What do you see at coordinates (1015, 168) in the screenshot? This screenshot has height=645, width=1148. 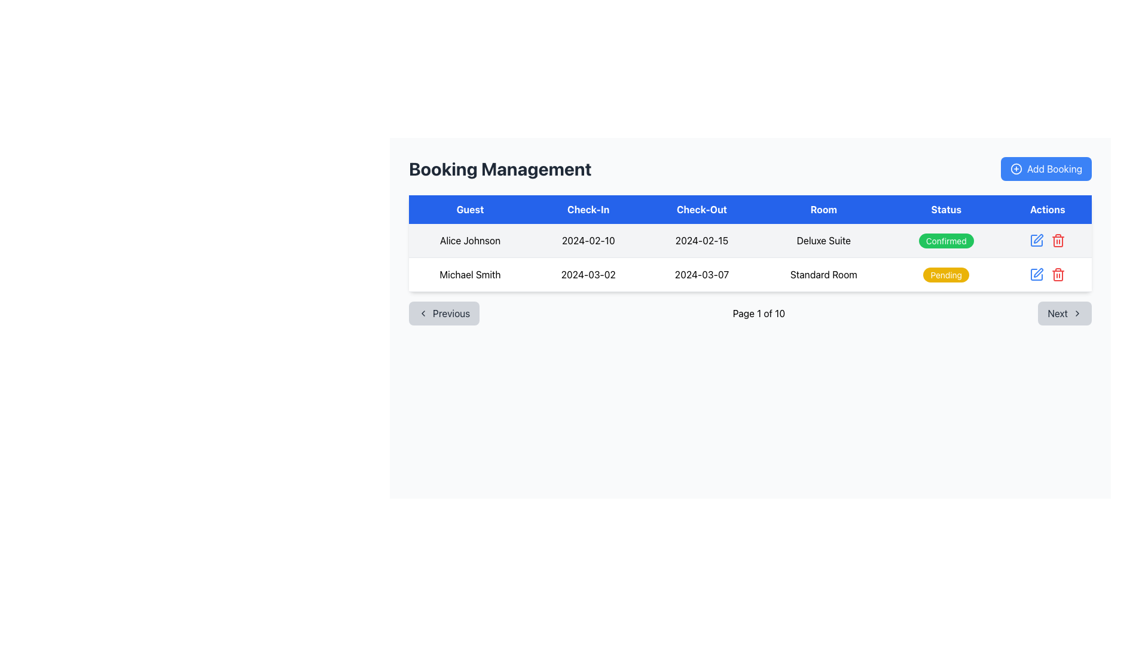 I see `the '+' icon located within the 'Add Booking' button in the top-right corner of the interface` at bounding box center [1015, 168].